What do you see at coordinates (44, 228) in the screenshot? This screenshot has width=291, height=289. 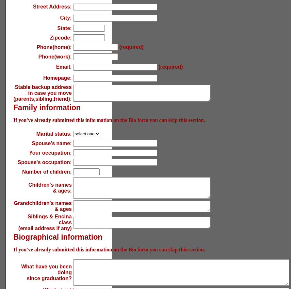 I see `'(email address if any)'` at bounding box center [44, 228].